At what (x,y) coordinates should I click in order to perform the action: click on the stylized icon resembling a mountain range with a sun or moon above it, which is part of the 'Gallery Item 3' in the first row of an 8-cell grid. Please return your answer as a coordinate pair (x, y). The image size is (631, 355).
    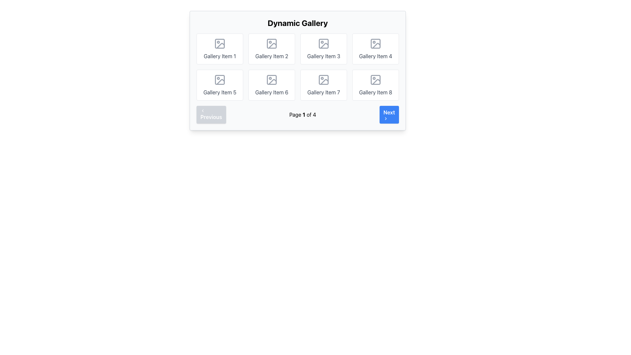
    Looking at the image, I should click on (324, 45).